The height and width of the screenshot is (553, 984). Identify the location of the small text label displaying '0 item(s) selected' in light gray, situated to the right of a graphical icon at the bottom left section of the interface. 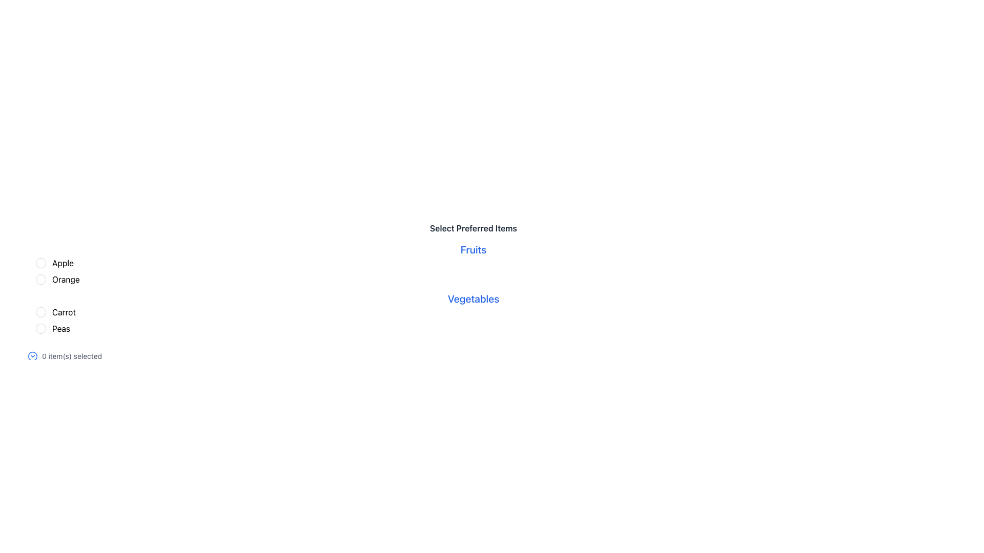
(71, 355).